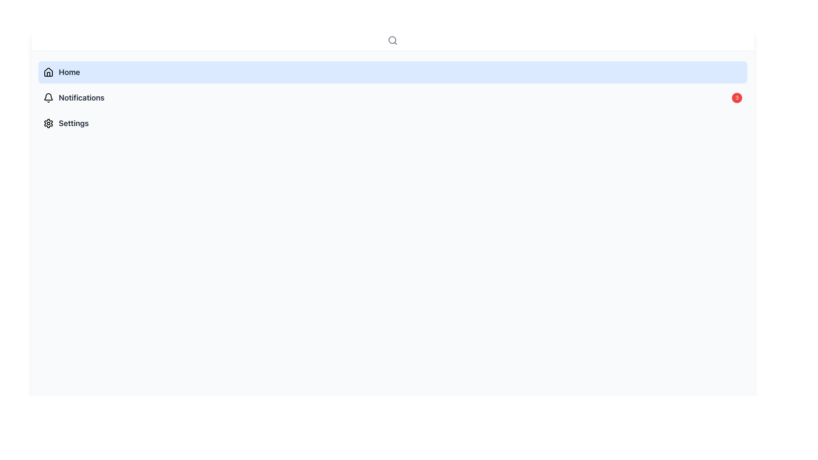 The image size is (818, 460). I want to click on the gray circular component of the magnifying glass icon located in the top-right corner of the interface, so click(392, 40).